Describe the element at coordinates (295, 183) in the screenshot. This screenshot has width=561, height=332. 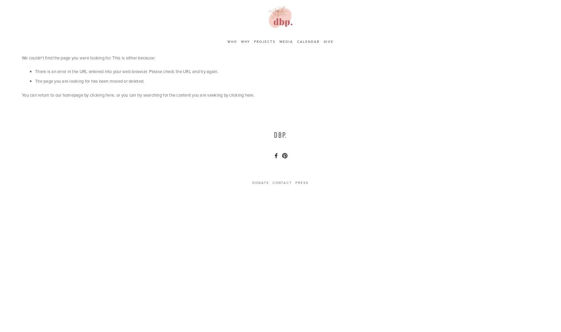
I see `'Press'` at that location.